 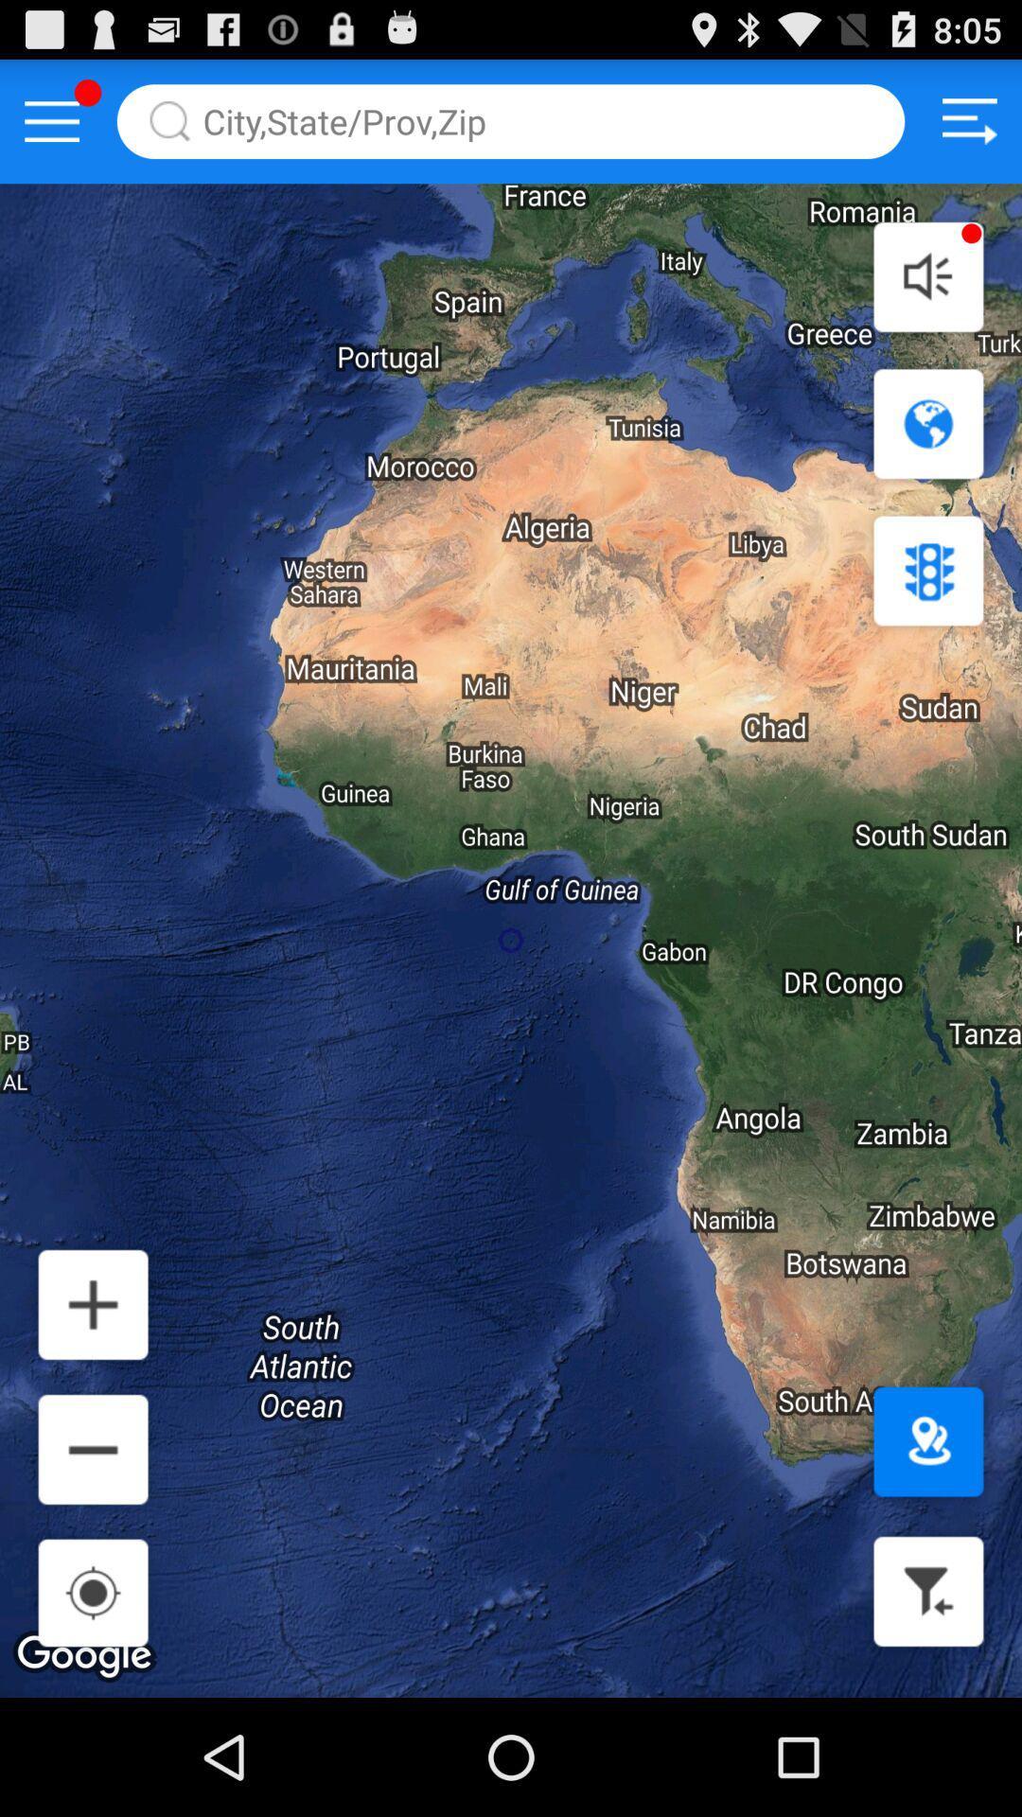 What do you see at coordinates (93, 1448) in the screenshot?
I see `decrease zoom` at bounding box center [93, 1448].